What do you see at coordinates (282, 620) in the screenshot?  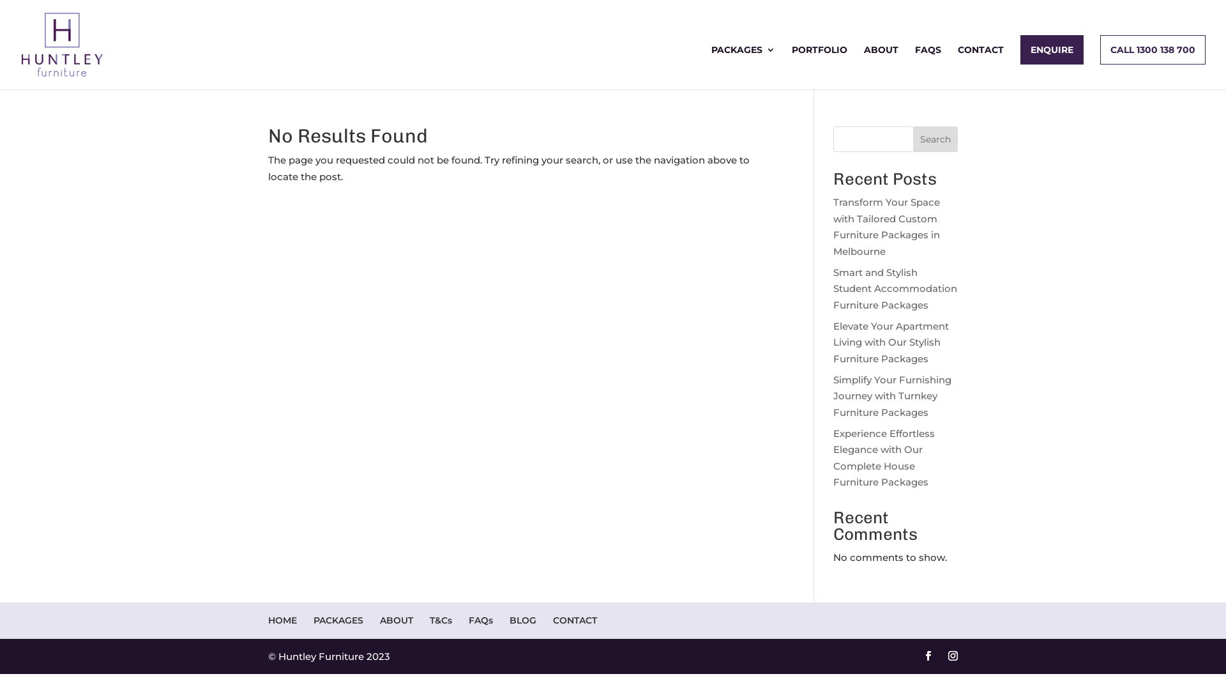 I see `'HOME'` at bounding box center [282, 620].